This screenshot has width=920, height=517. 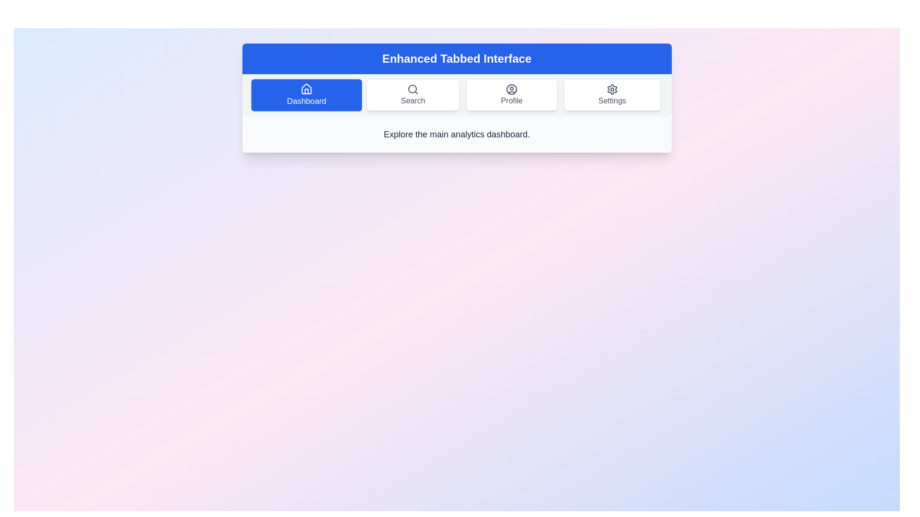 What do you see at coordinates (611, 95) in the screenshot?
I see `the last button in the horizontal navigation bar, which likely redirects to the settings interface, to observe its hover effect` at bounding box center [611, 95].